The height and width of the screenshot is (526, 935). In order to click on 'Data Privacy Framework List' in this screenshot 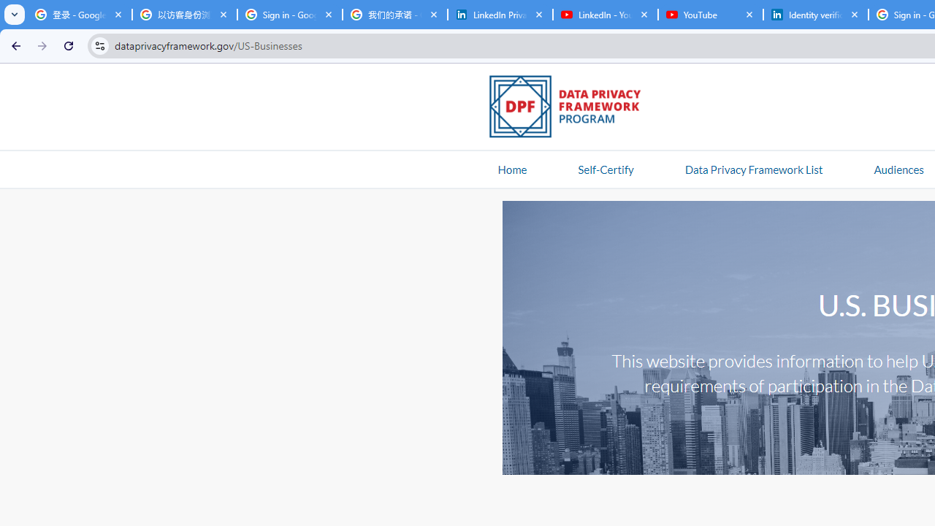, I will do `click(753, 168)`.